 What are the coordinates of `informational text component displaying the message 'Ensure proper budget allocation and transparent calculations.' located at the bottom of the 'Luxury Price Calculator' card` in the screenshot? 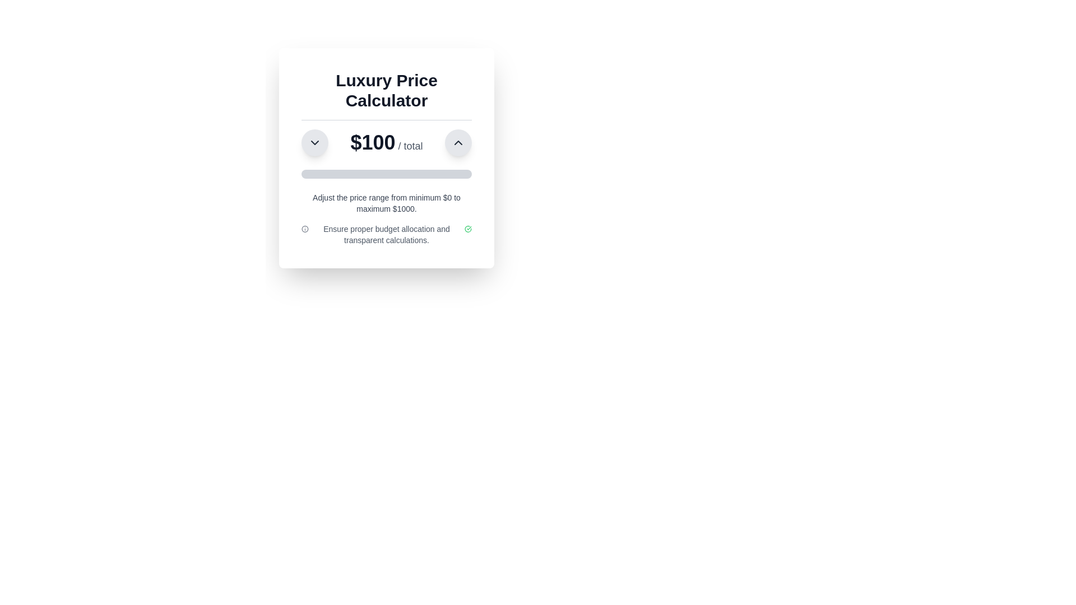 It's located at (387, 234).